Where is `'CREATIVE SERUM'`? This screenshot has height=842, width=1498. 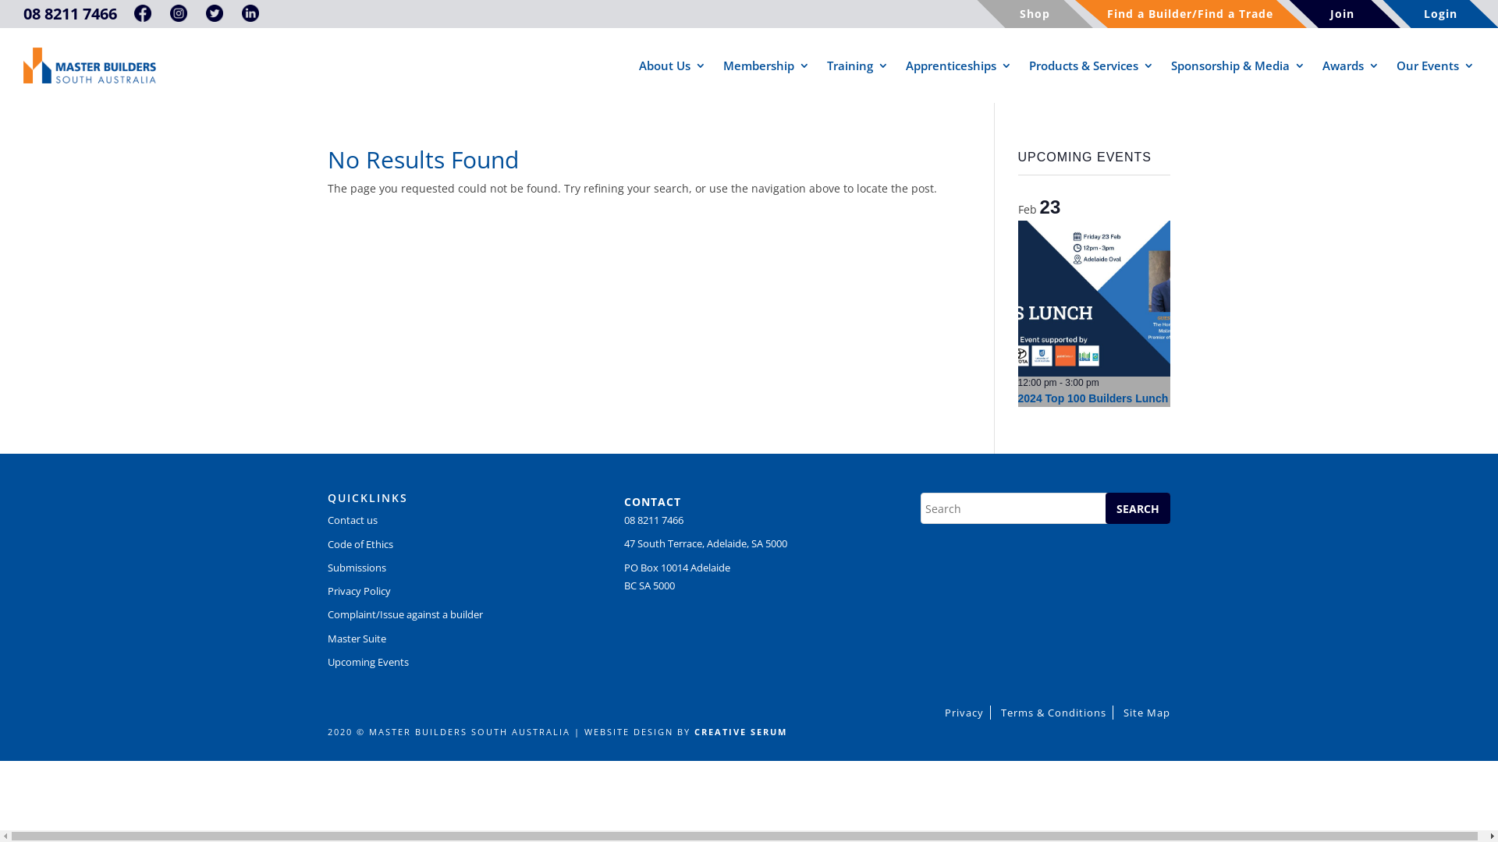
'CREATIVE SERUM' is located at coordinates (740, 731).